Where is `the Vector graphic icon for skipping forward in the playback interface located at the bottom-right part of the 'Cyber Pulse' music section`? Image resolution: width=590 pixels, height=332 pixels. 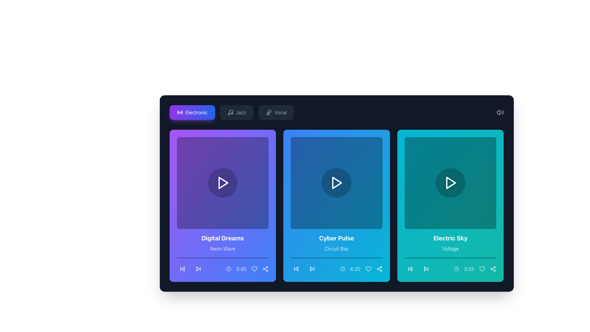 the Vector graphic icon for skipping forward in the playback interface located at the bottom-right part of the 'Cyber Pulse' music section is located at coordinates (312, 268).